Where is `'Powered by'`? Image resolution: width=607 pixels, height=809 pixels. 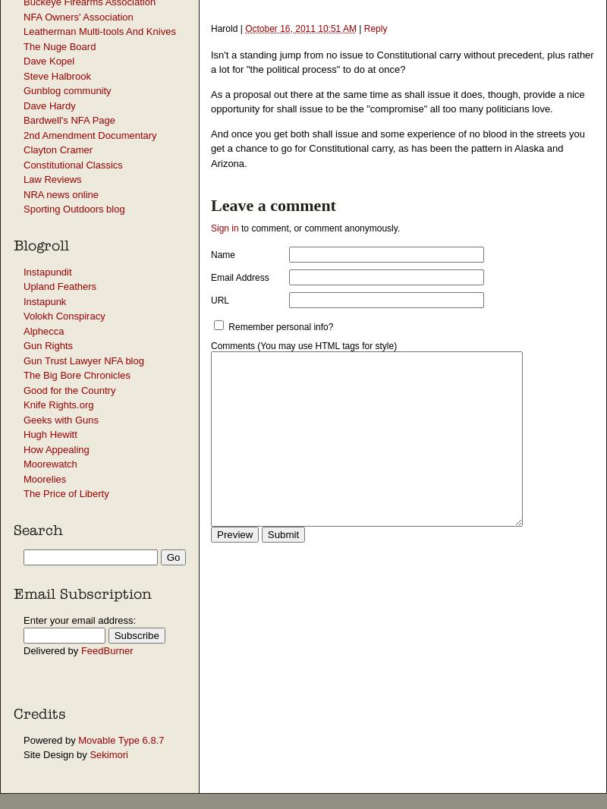 'Powered by' is located at coordinates (51, 739).